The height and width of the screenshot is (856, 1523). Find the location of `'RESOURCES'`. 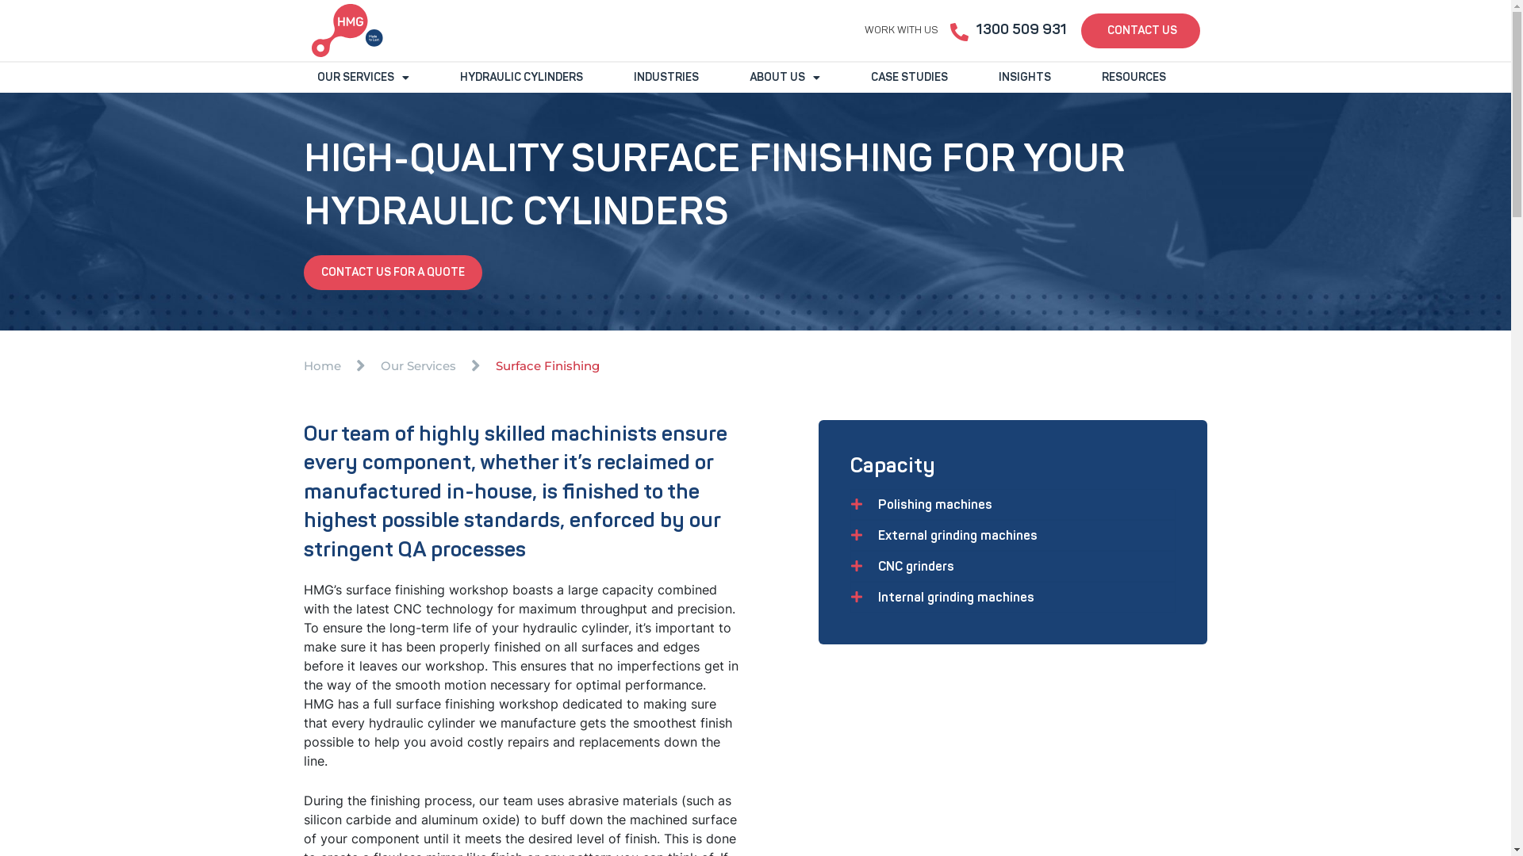

'RESOURCES' is located at coordinates (1133, 77).